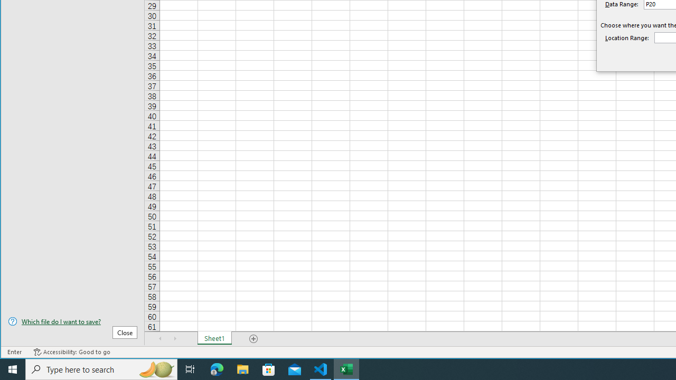  Describe the element at coordinates (72, 321) in the screenshot. I see `'Which file do I want to save?'` at that location.